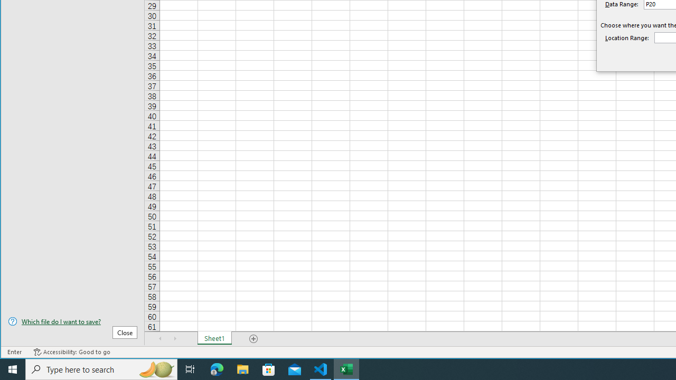  Describe the element at coordinates (72, 321) in the screenshot. I see `'Which file do I want to save?'` at that location.